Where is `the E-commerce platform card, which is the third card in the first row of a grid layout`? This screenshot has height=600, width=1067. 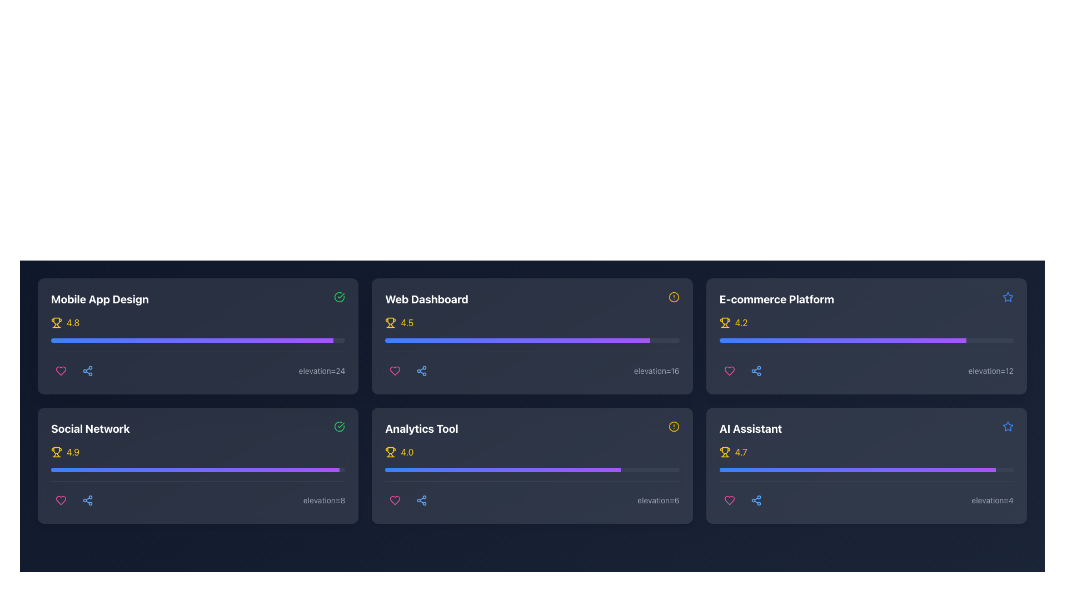
the E-commerce platform card, which is the third card in the first row of a grid layout is located at coordinates (866, 336).